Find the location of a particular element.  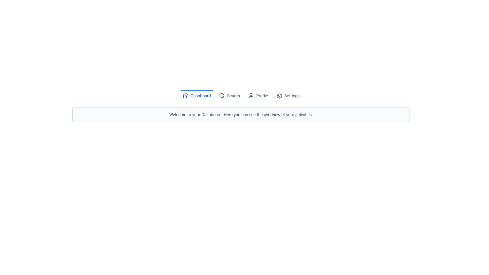

'Search' label located near the center-right of the header section in the navigation toolbar is located at coordinates (233, 95).